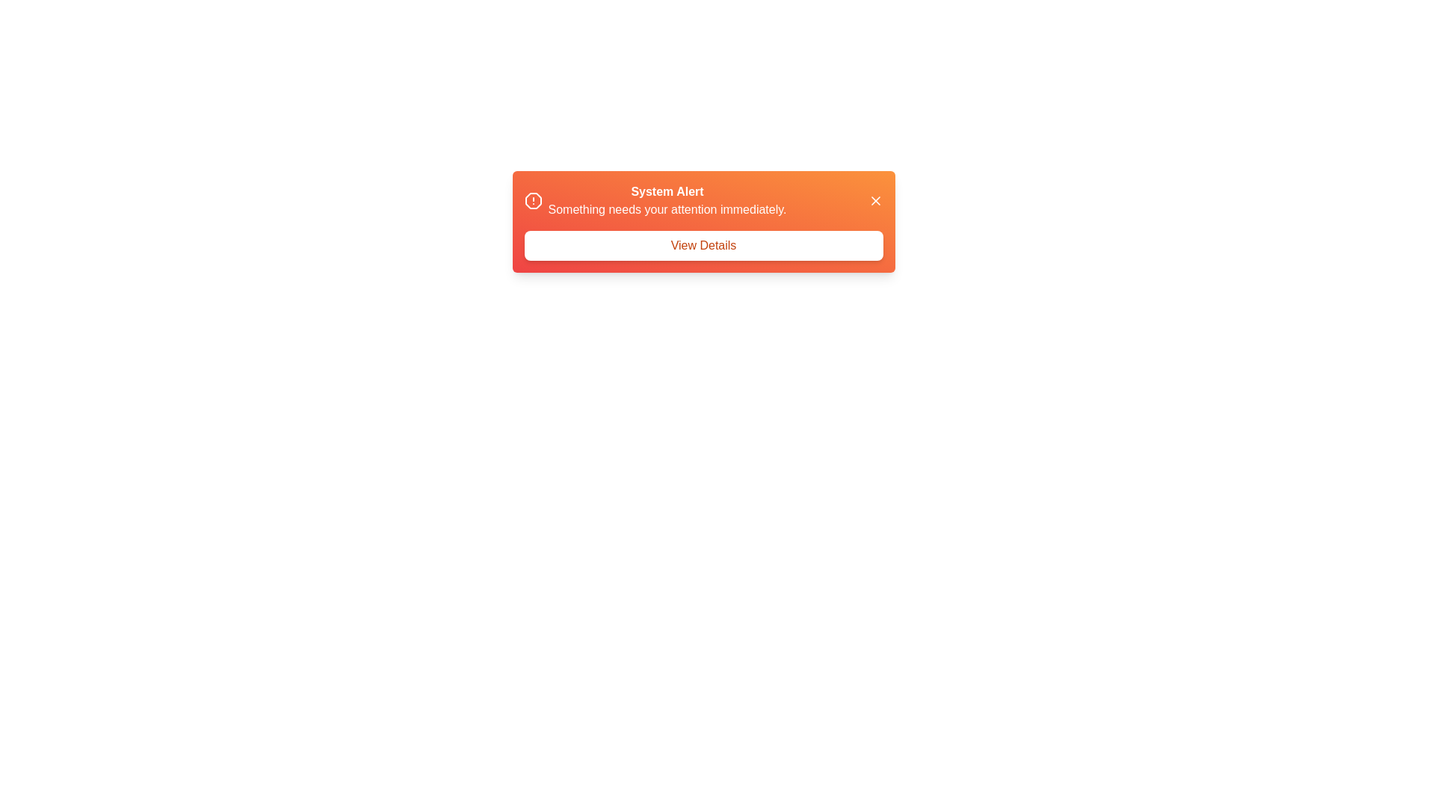 The image size is (1435, 807). What do you see at coordinates (655, 200) in the screenshot?
I see `the 'System Alert' text display component, which includes the bold title 'System Alert' and the message 'Something needs your attention immediately.'` at bounding box center [655, 200].